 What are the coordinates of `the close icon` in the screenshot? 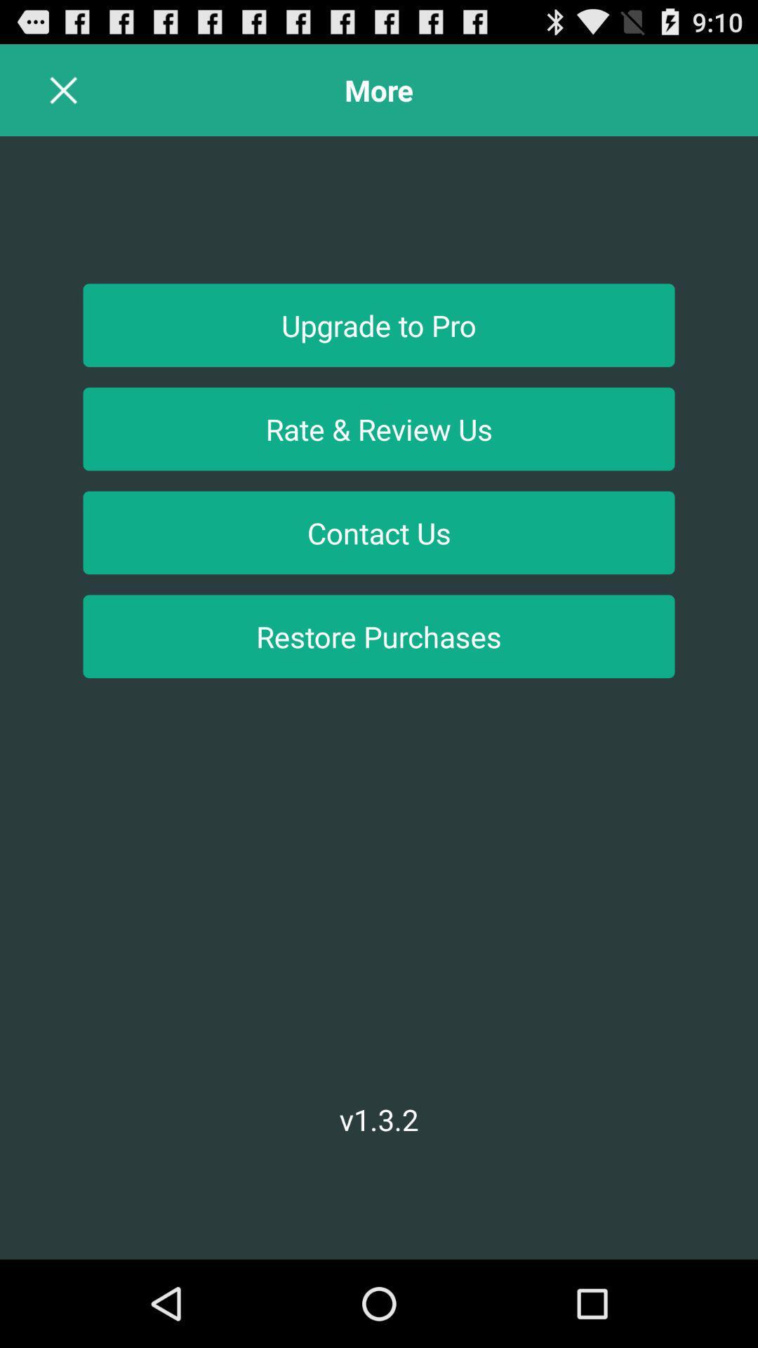 It's located at (64, 95).